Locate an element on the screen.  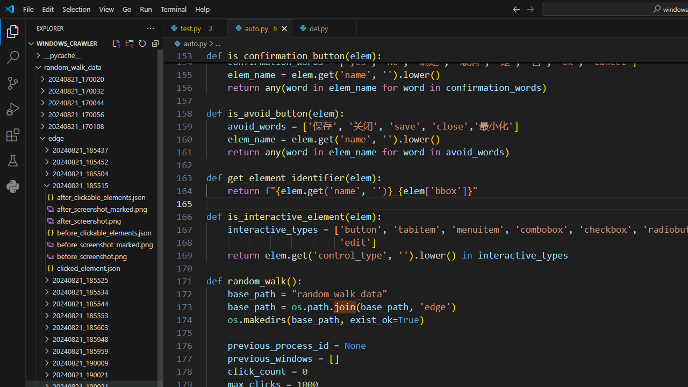
'Refresh Explorer' is located at coordinates (141, 43).